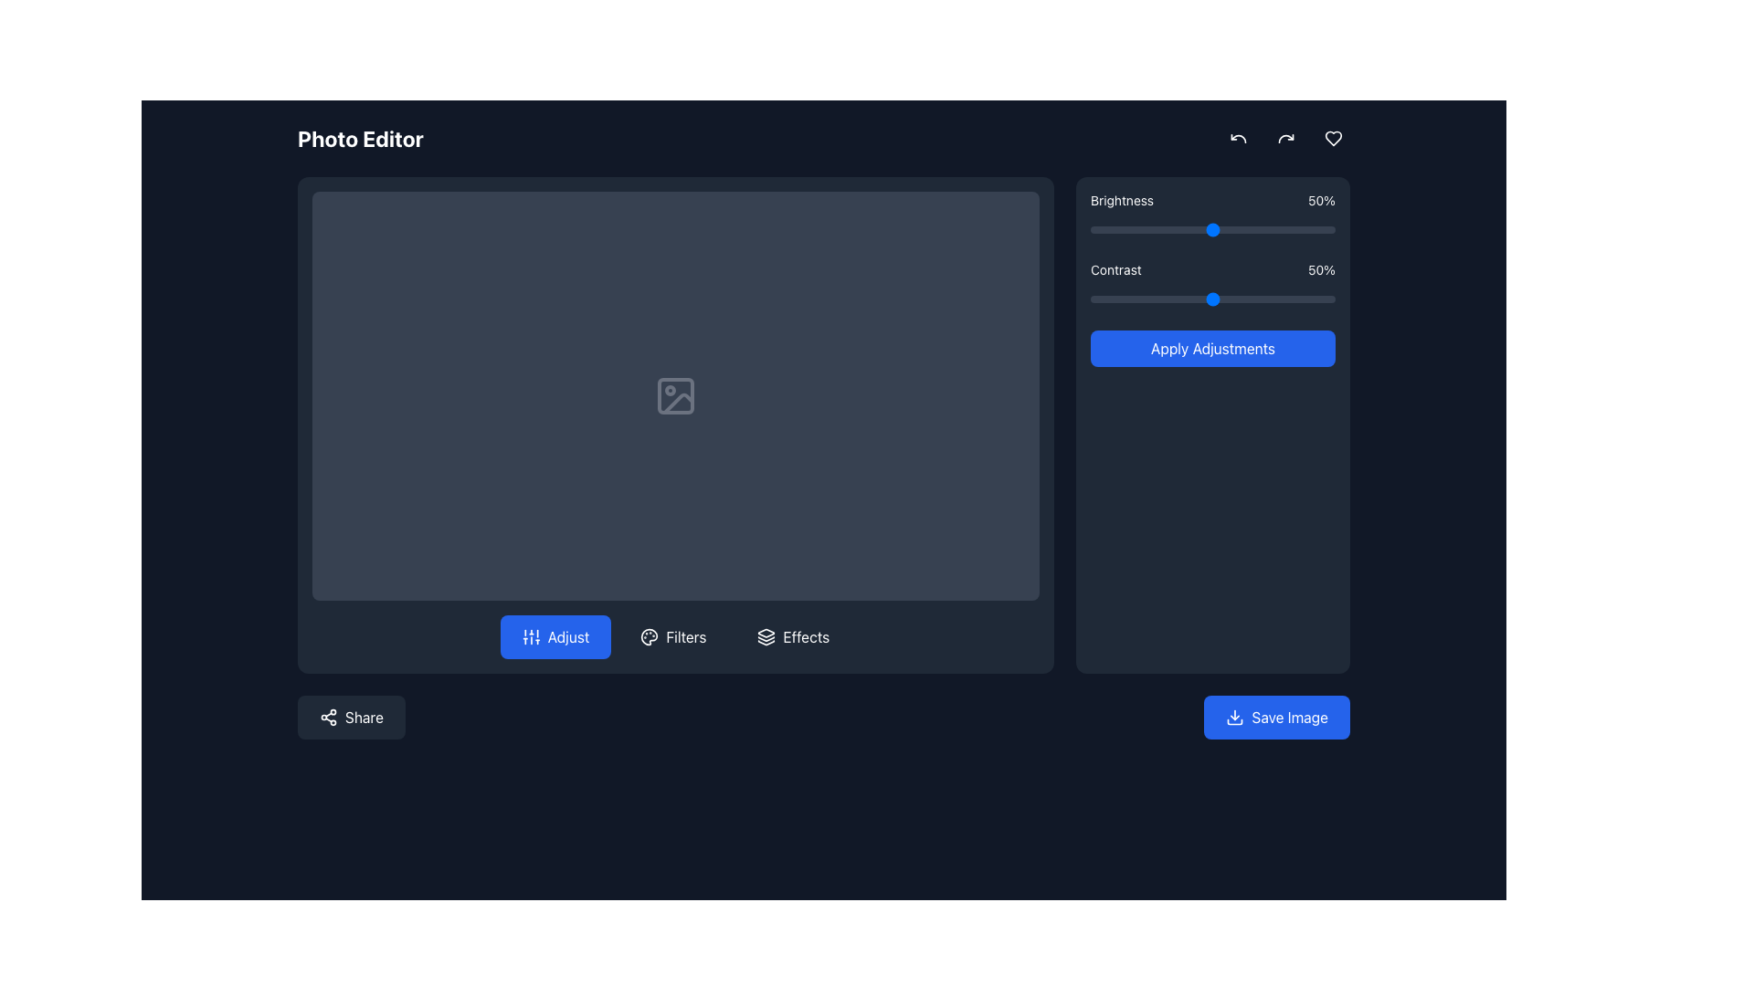 Image resolution: width=1754 pixels, height=986 pixels. I want to click on the static text label displaying the current value of the contrast setting, located on the far-right side of the contrast adjustment section, so click(1322, 270).